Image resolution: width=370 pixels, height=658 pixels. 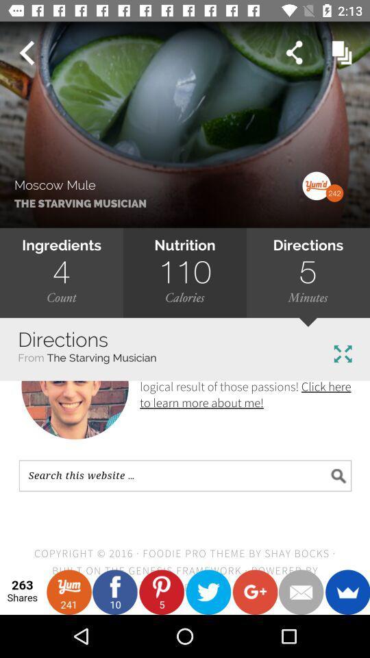 What do you see at coordinates (293, 53) in the screenshot?
I see `the share icon` at bounding box center [293, 53].